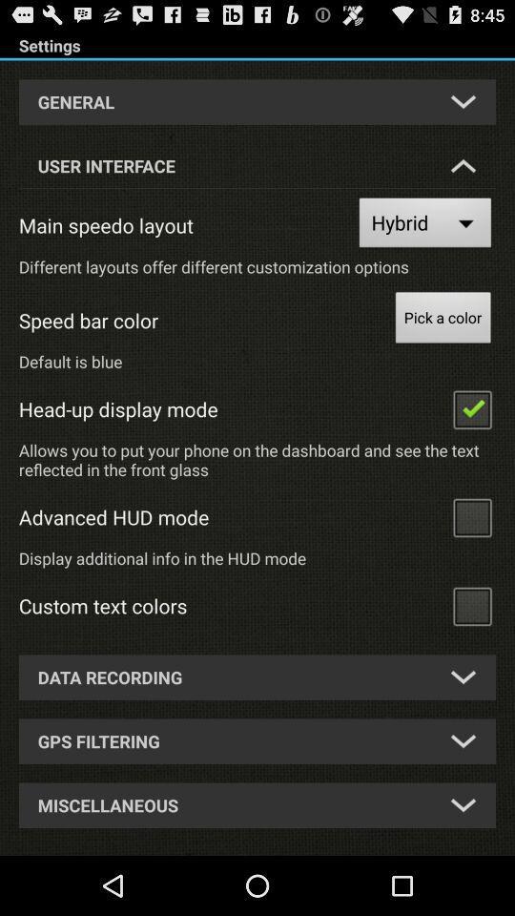 The width and height of the screenshot is (515, 916). What do you see at coordinates (471, 604) in the screenshot?
I see `custom text colors` at bounding box center [471, 604].